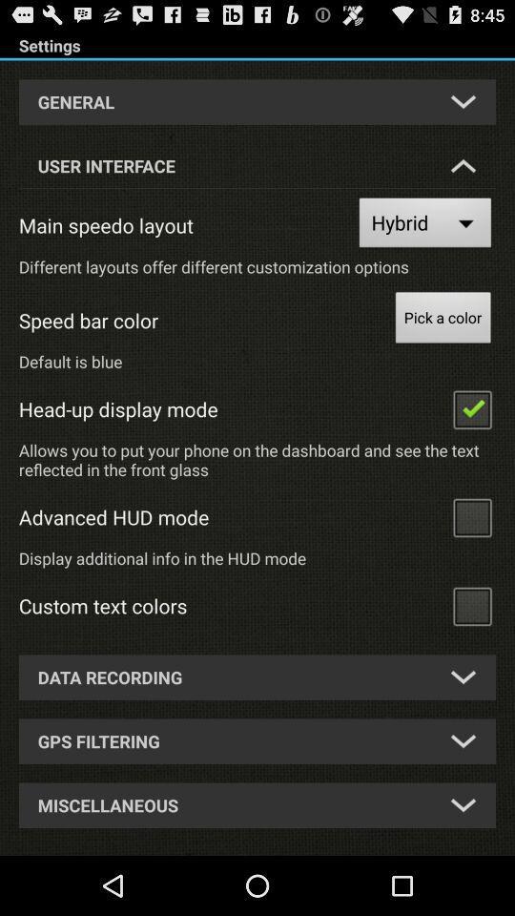 The width and height of the screenshot is (515, 916). What do you see at coordinates (471, 604) in the screenshot?
I see `custom text colors` at bounding box center [471, 604].